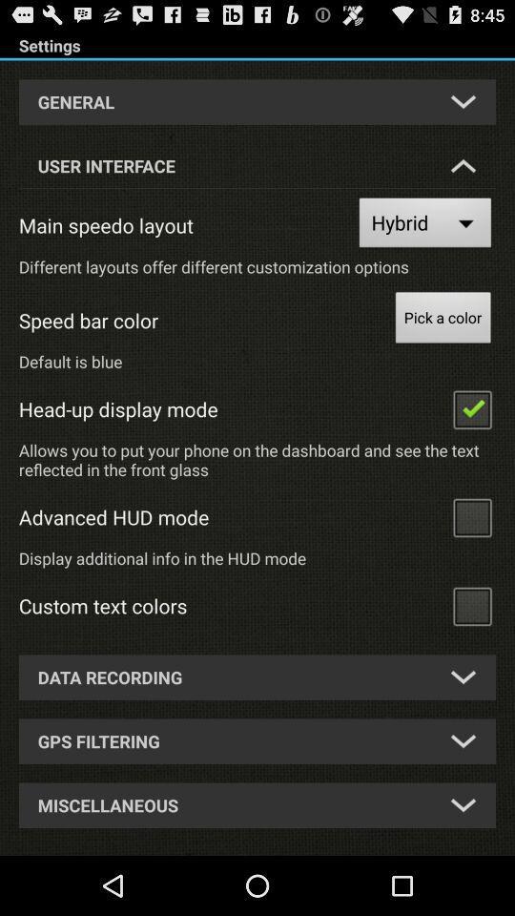 The width and height of the screenshot is (515, 916). What do you see at coordinates (471, 604) in the screenshot?
I see `custom text colors` at bounding box center [471, 604].